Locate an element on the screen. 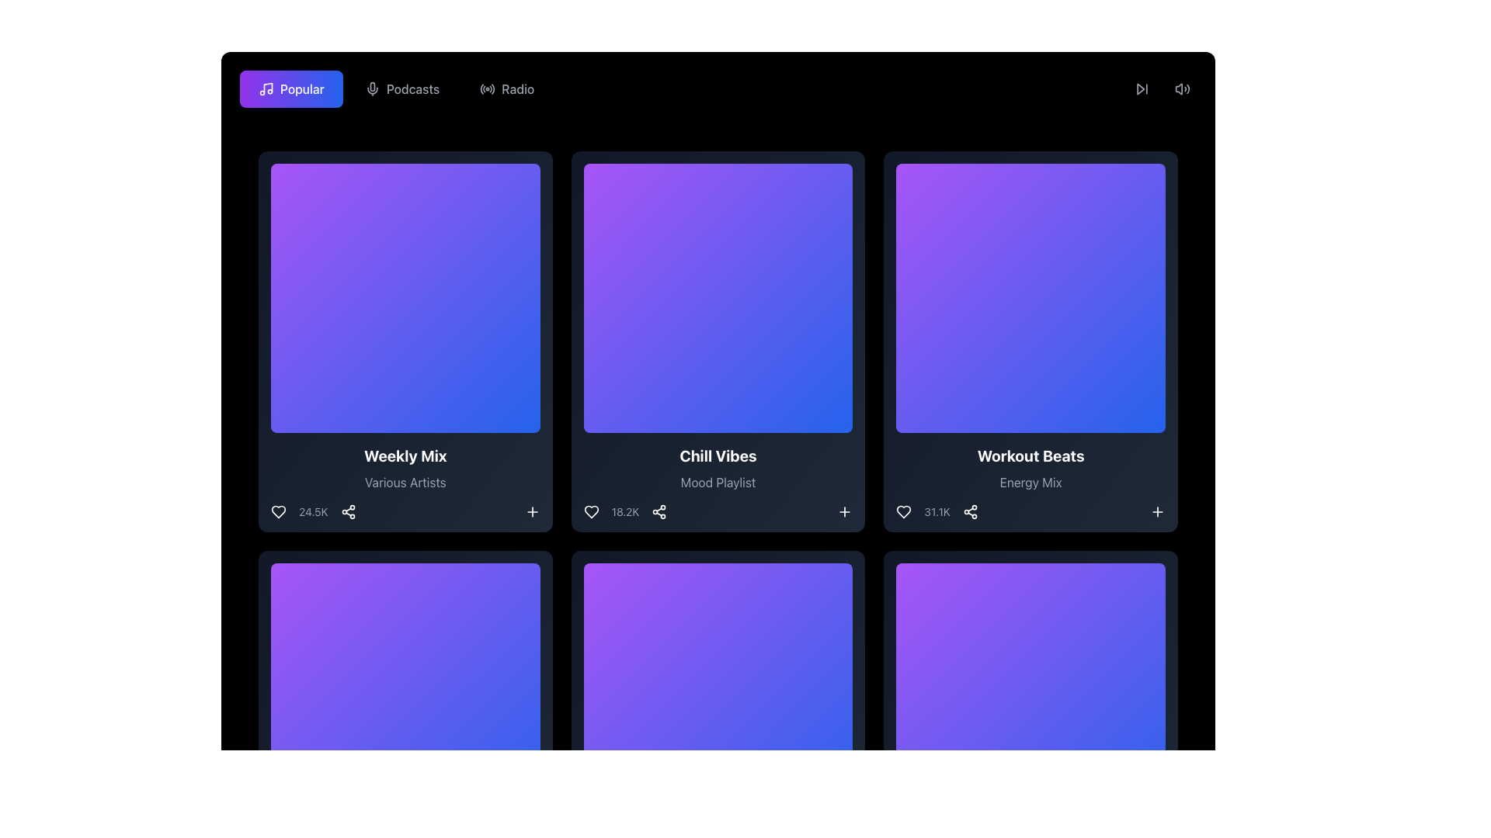  the bold text label reading 'Weekly Mix', which is centrally aligned at the top of the card component in the card grid layout is located at coordinates (405, 455).